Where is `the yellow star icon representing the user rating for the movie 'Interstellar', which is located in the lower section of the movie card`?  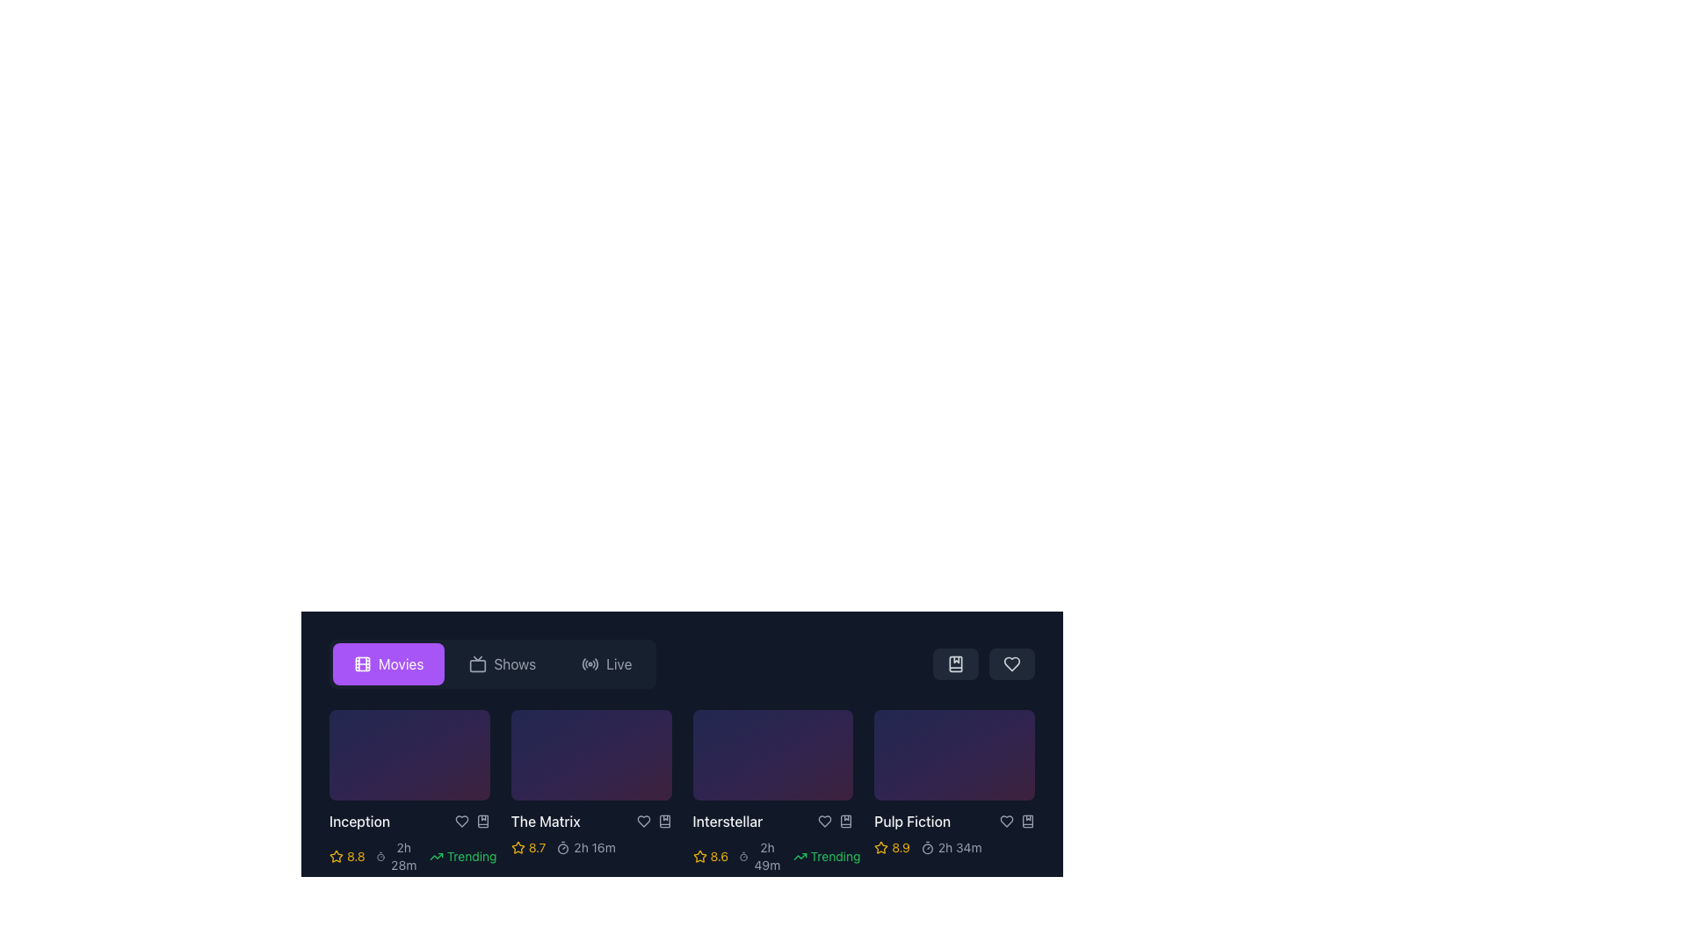 the yellow star icon representing the user rating for the movie 'Interstellar', which is located in the lower section of the movie card is located at coordinates (699, 855).